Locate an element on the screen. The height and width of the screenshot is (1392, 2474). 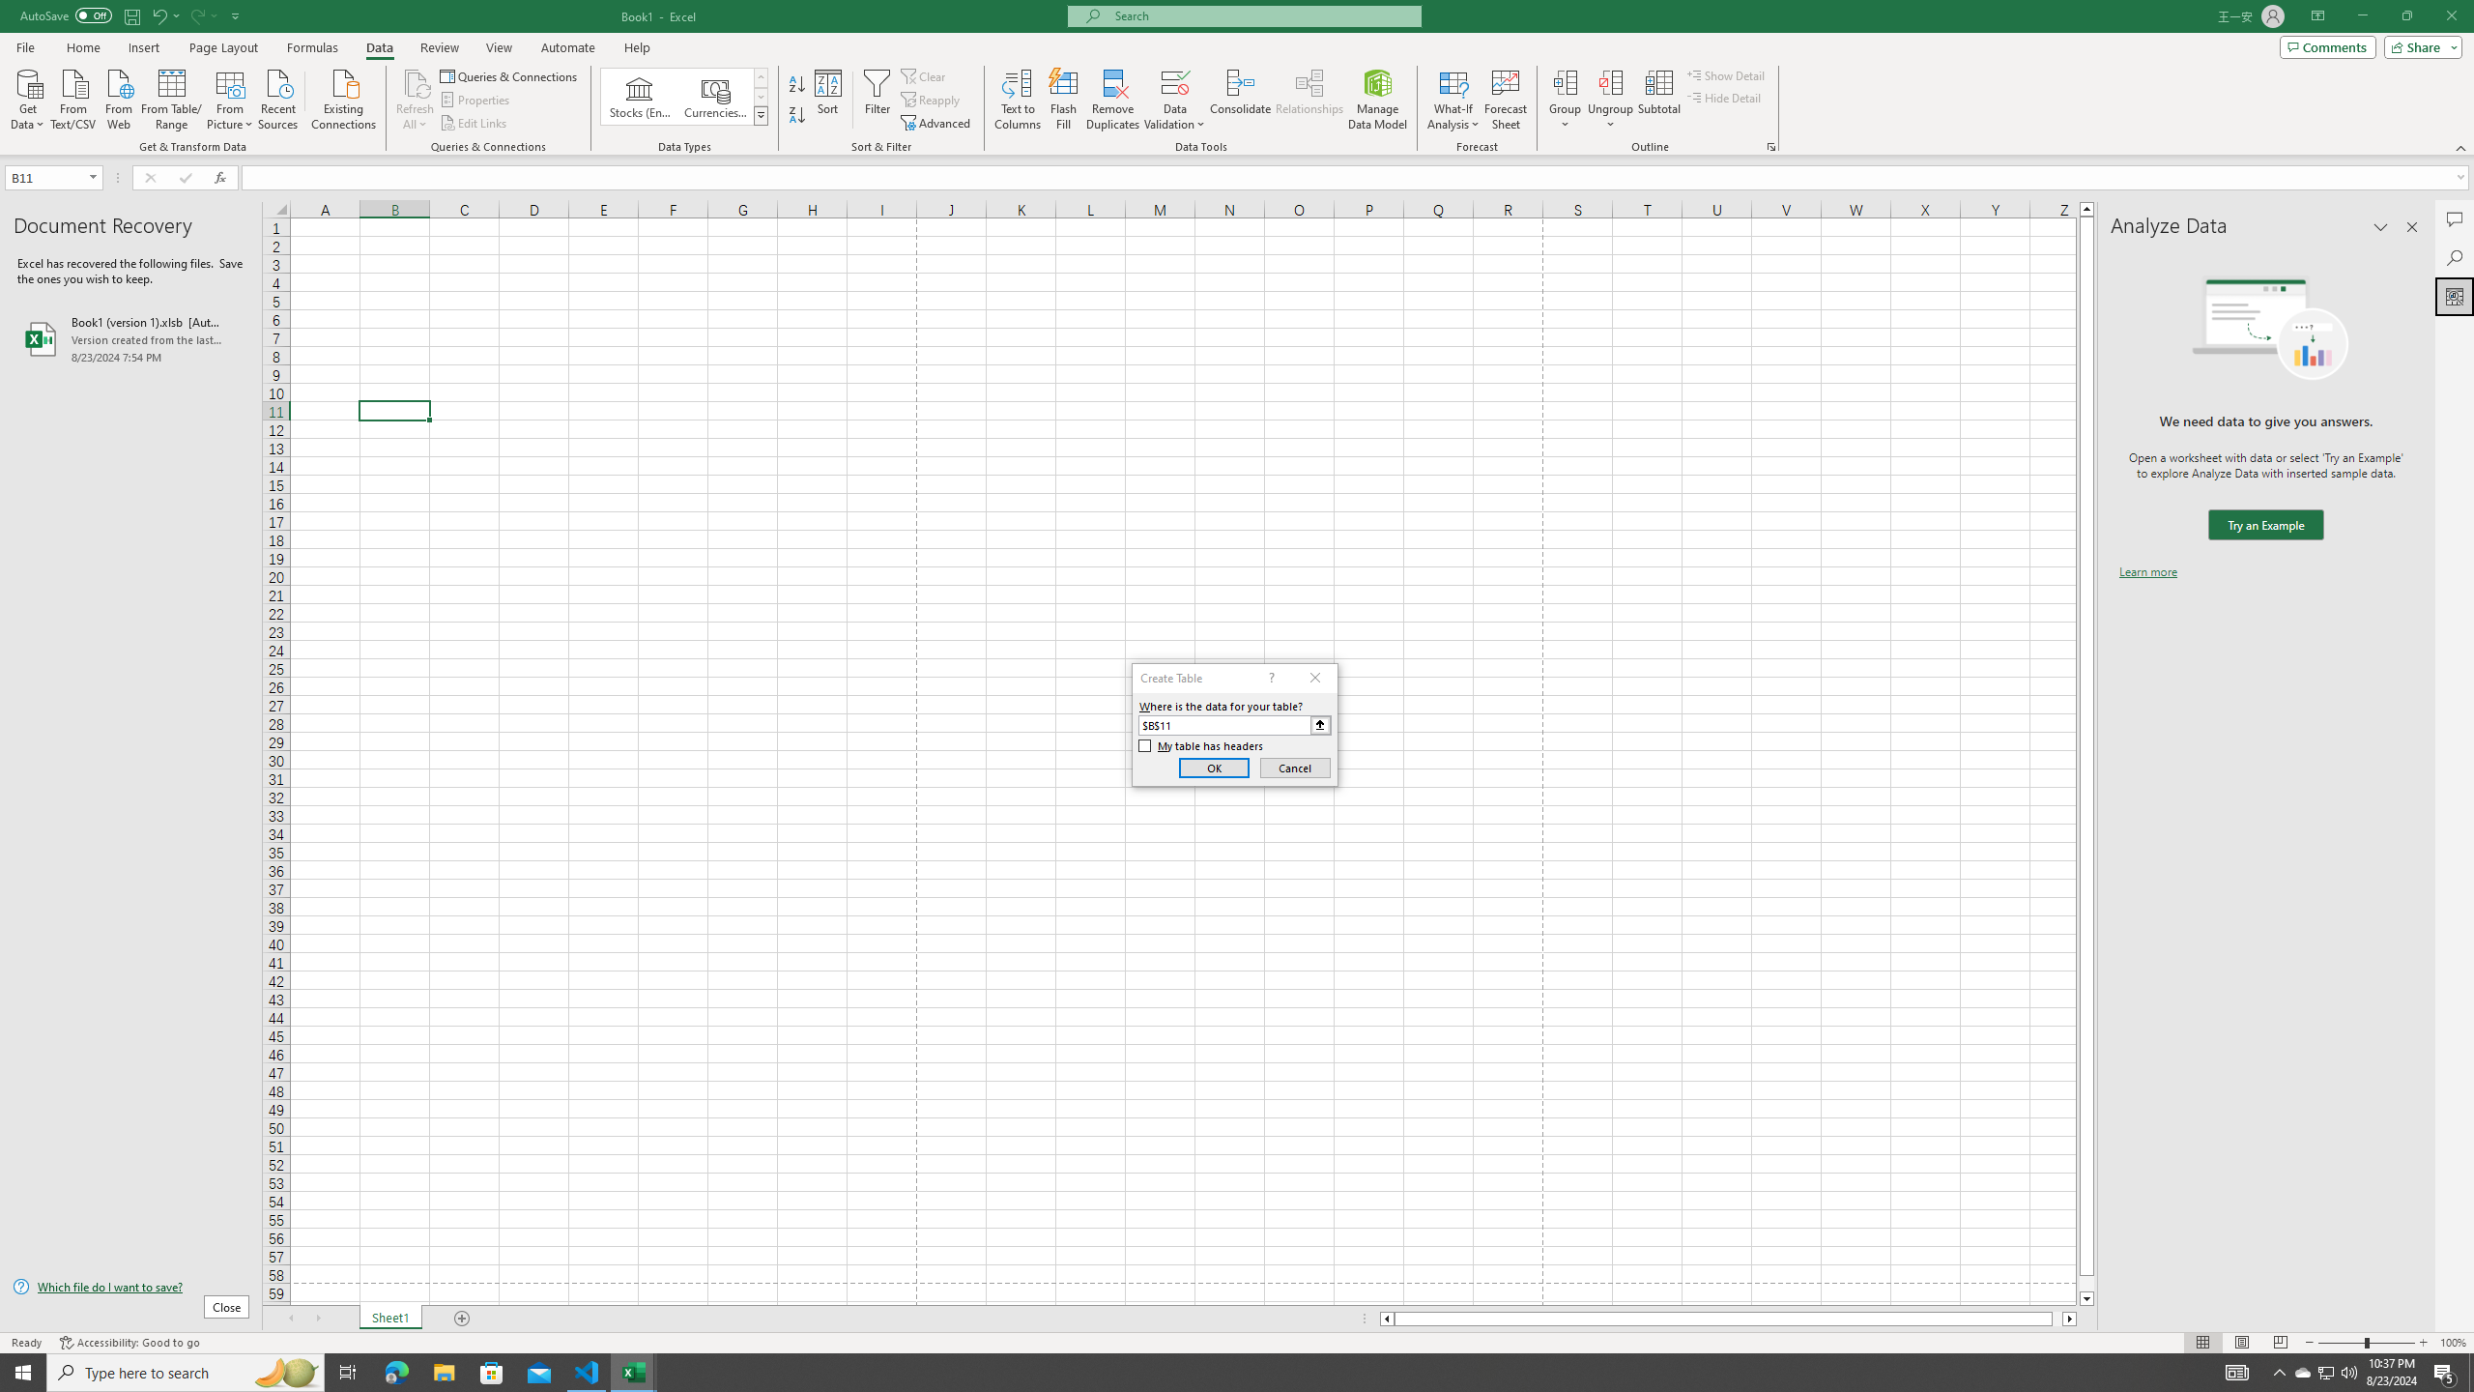
'Which file do I want to save?' is located at coordinates (129, 1288).